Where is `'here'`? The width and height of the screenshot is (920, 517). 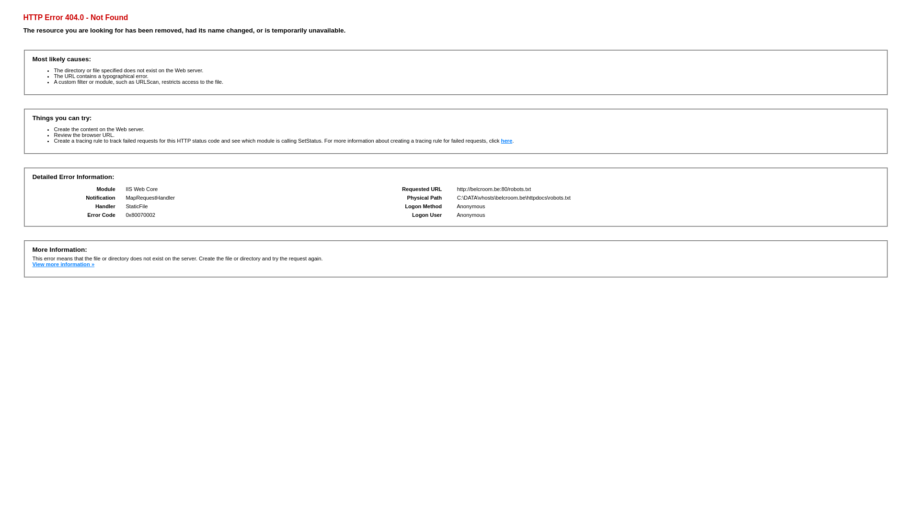 'here' is located at coordinates (501, 140).